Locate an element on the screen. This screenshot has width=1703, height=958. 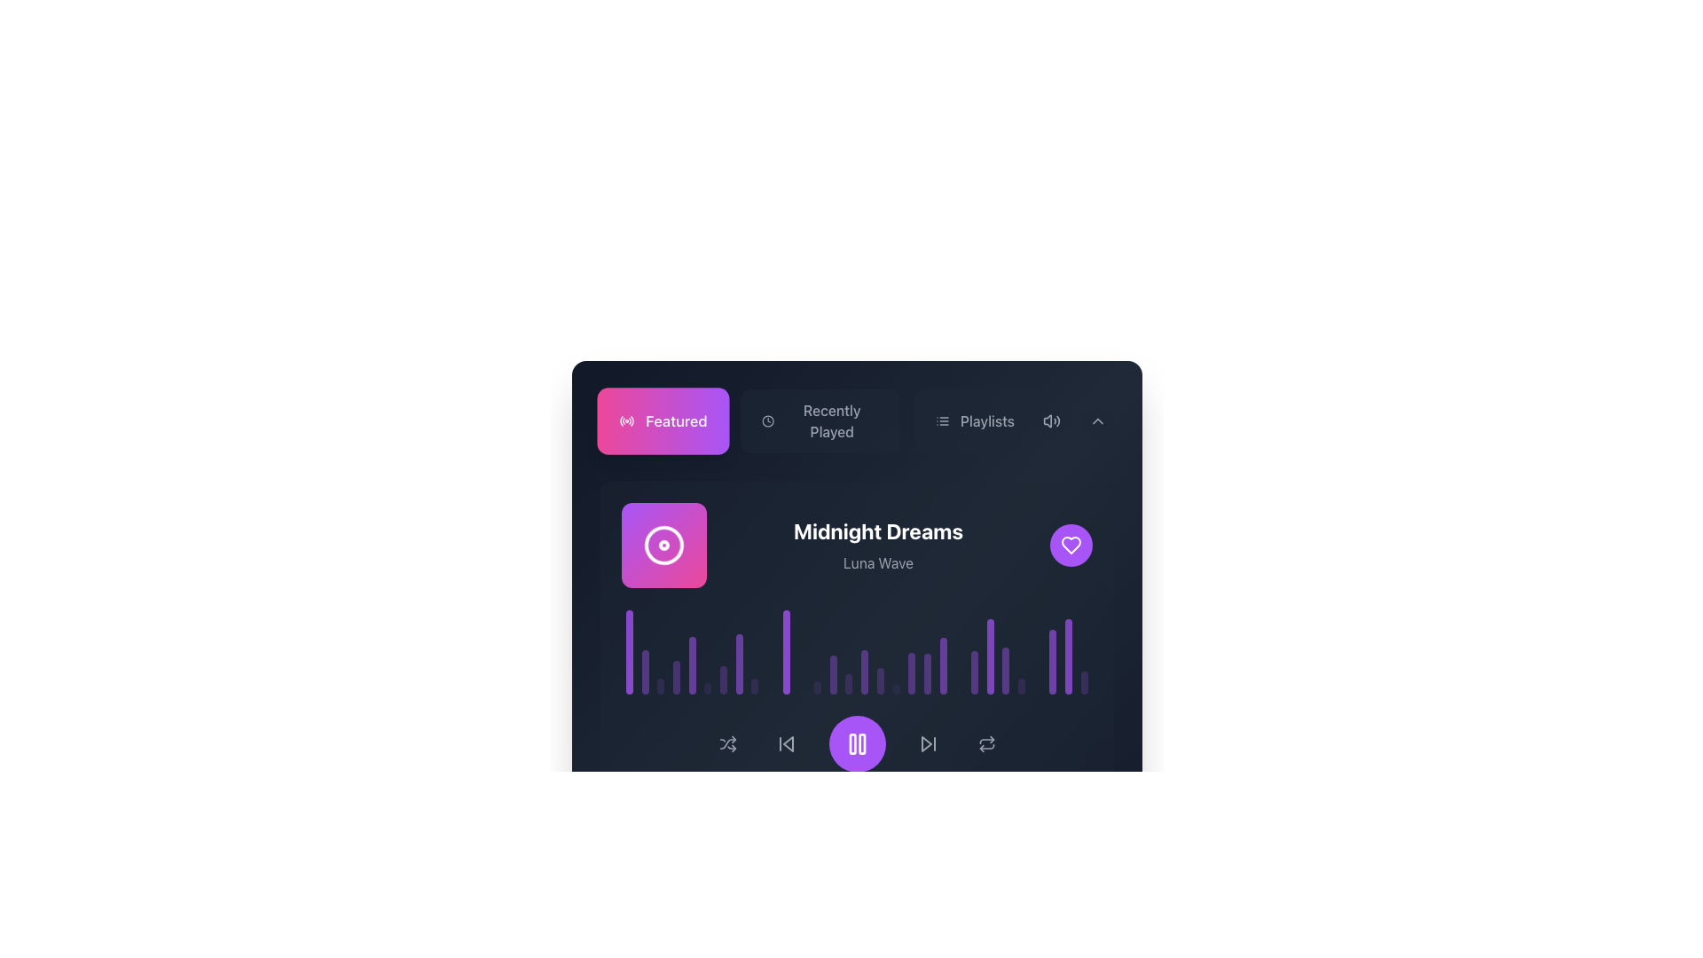
the backward arrow button, styled in gray, to skip to the previous media track is located at coordinates (785, 744).